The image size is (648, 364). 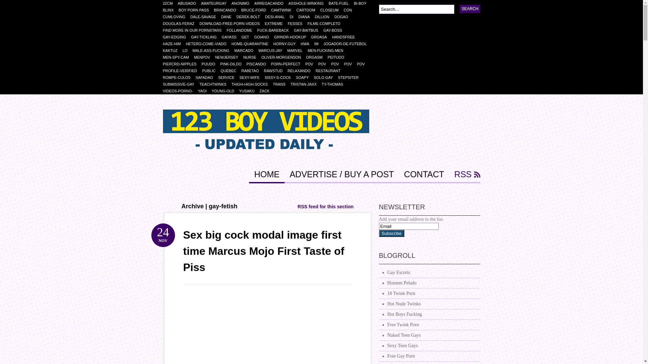 I want to click on 'RSS', so click(x=464, y=176).